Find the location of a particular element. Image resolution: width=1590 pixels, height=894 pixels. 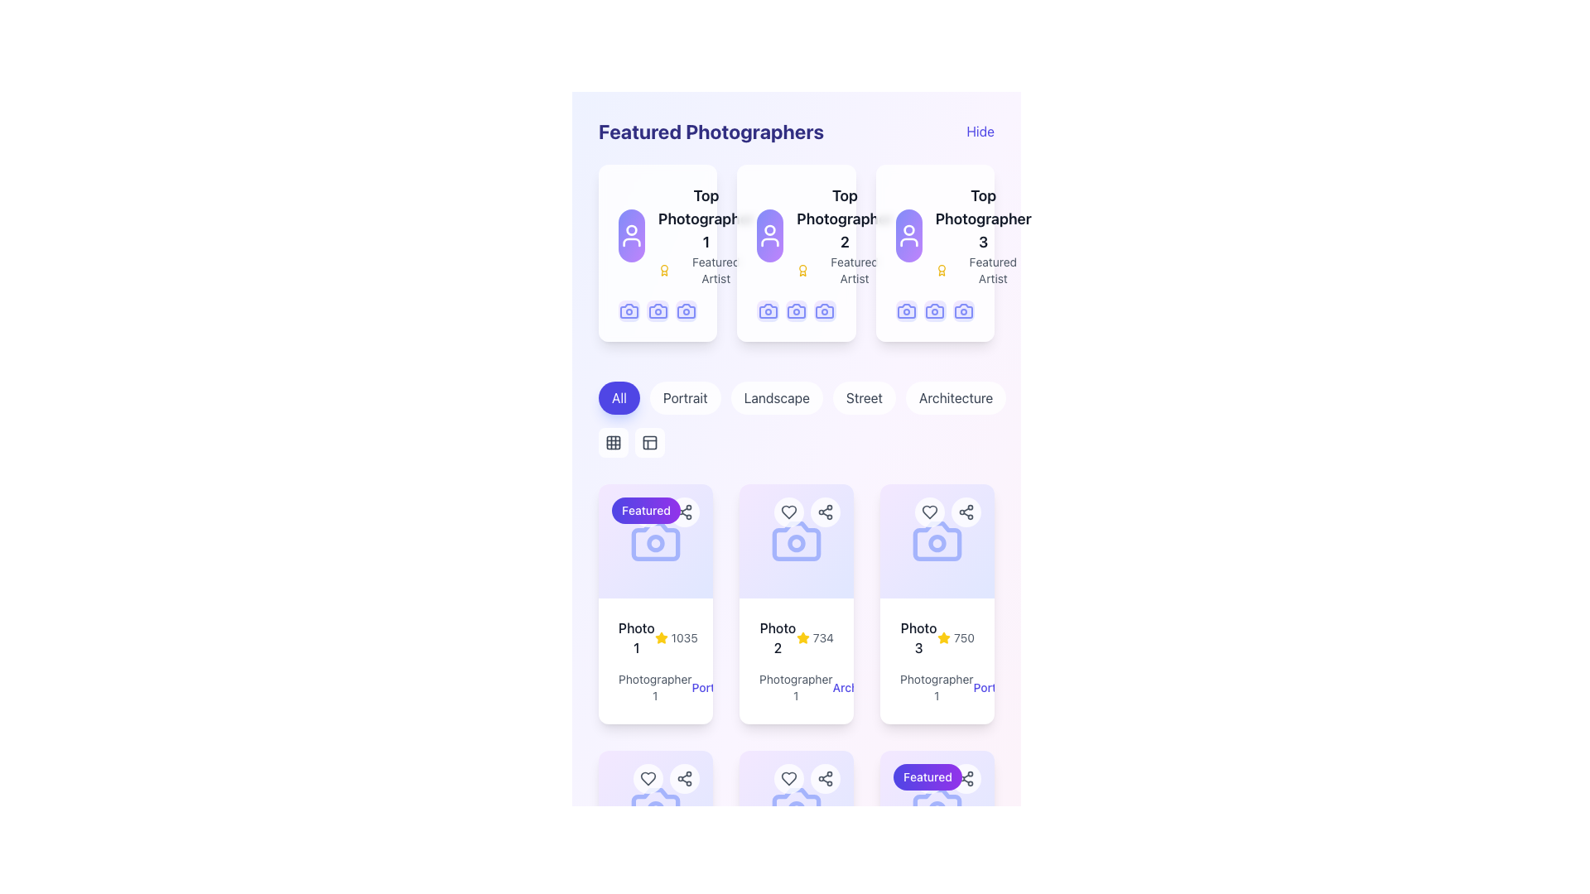

the camera icon subcomponent which visually indicates photography content, located centrally in the third column of the bottom row of the grid layout is located at coordinates (796, 806).